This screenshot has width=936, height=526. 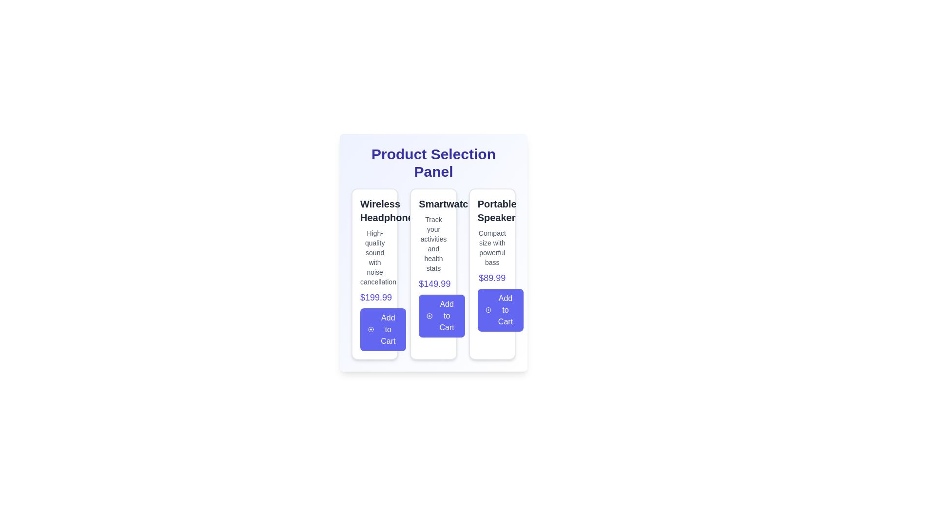 What do you see at coordinates (374, 210) in the screenshot?
I see `static text label that displays 'Wireless Headphones', which is prominently featured in dark gray font at the top-left of the product card section` at bounding box center [374, 210].